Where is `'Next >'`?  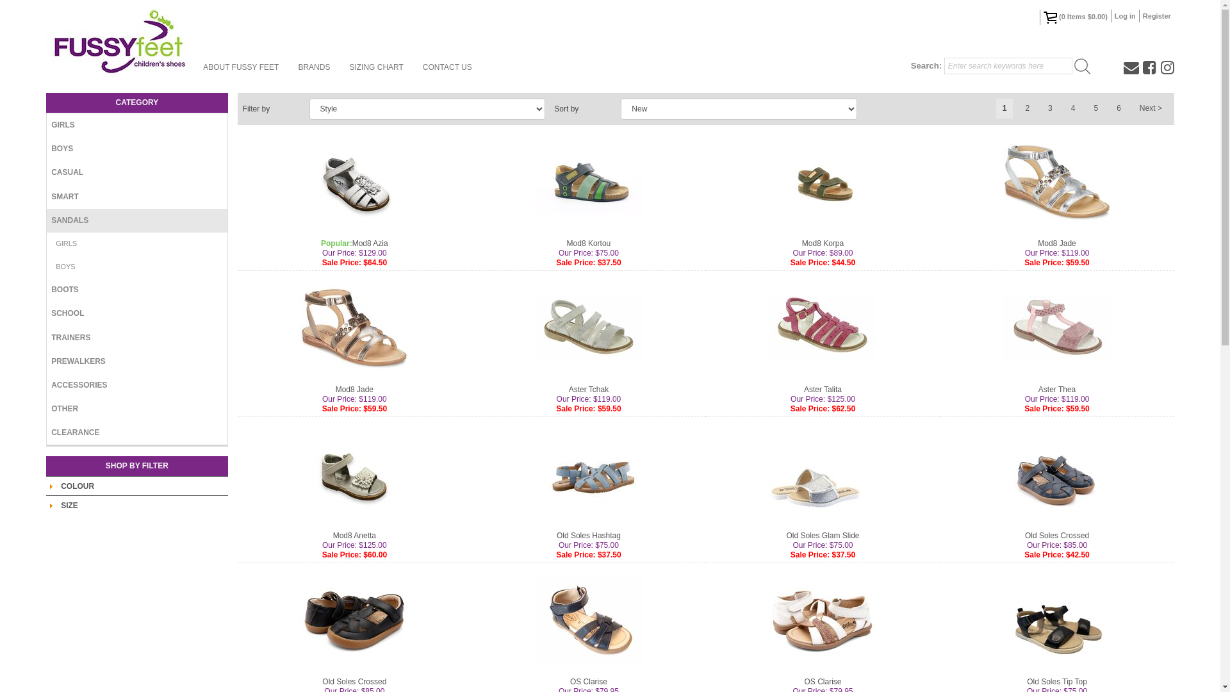
'Next >' is located at coordinates (1151, 108).